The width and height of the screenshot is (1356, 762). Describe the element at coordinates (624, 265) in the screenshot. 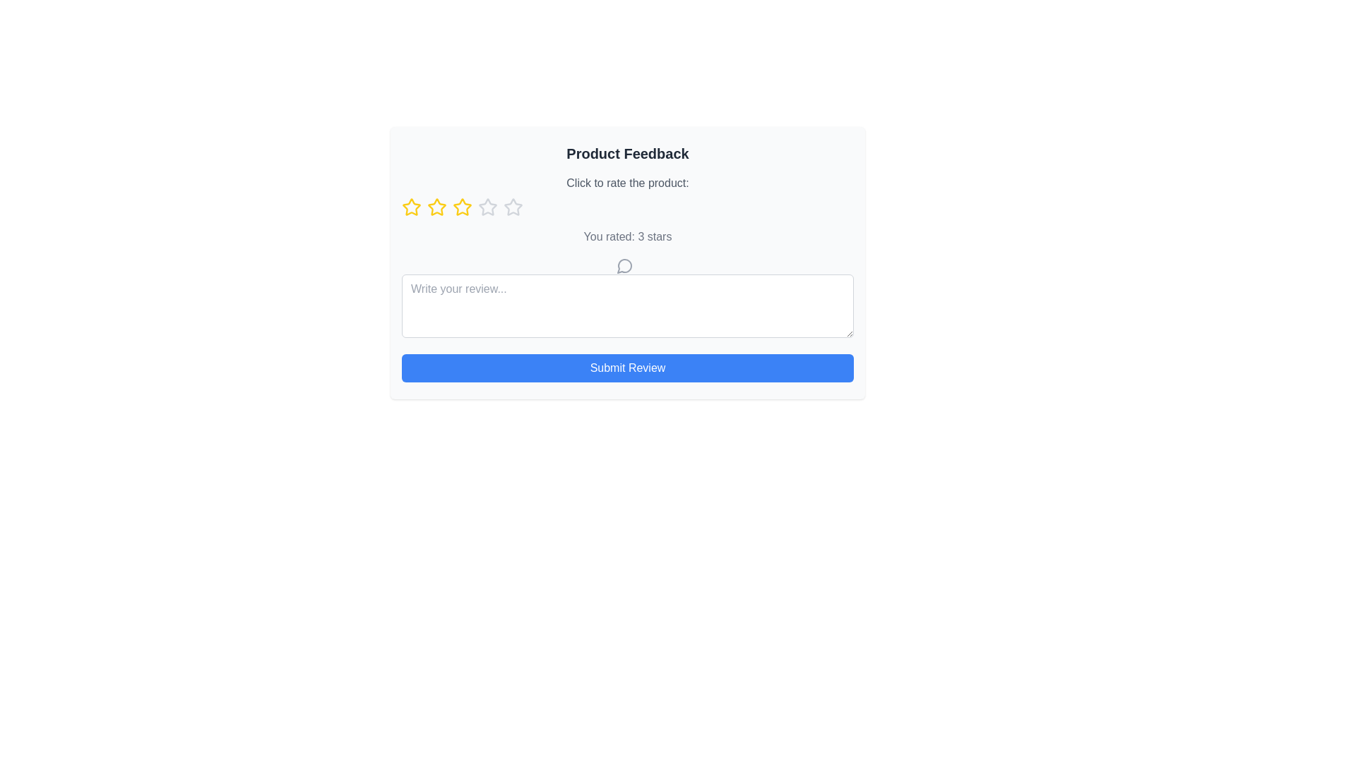

I see `the speech bubble icon used for comments or messages, located to the left of the 'Write your review...' text input field` at that location.